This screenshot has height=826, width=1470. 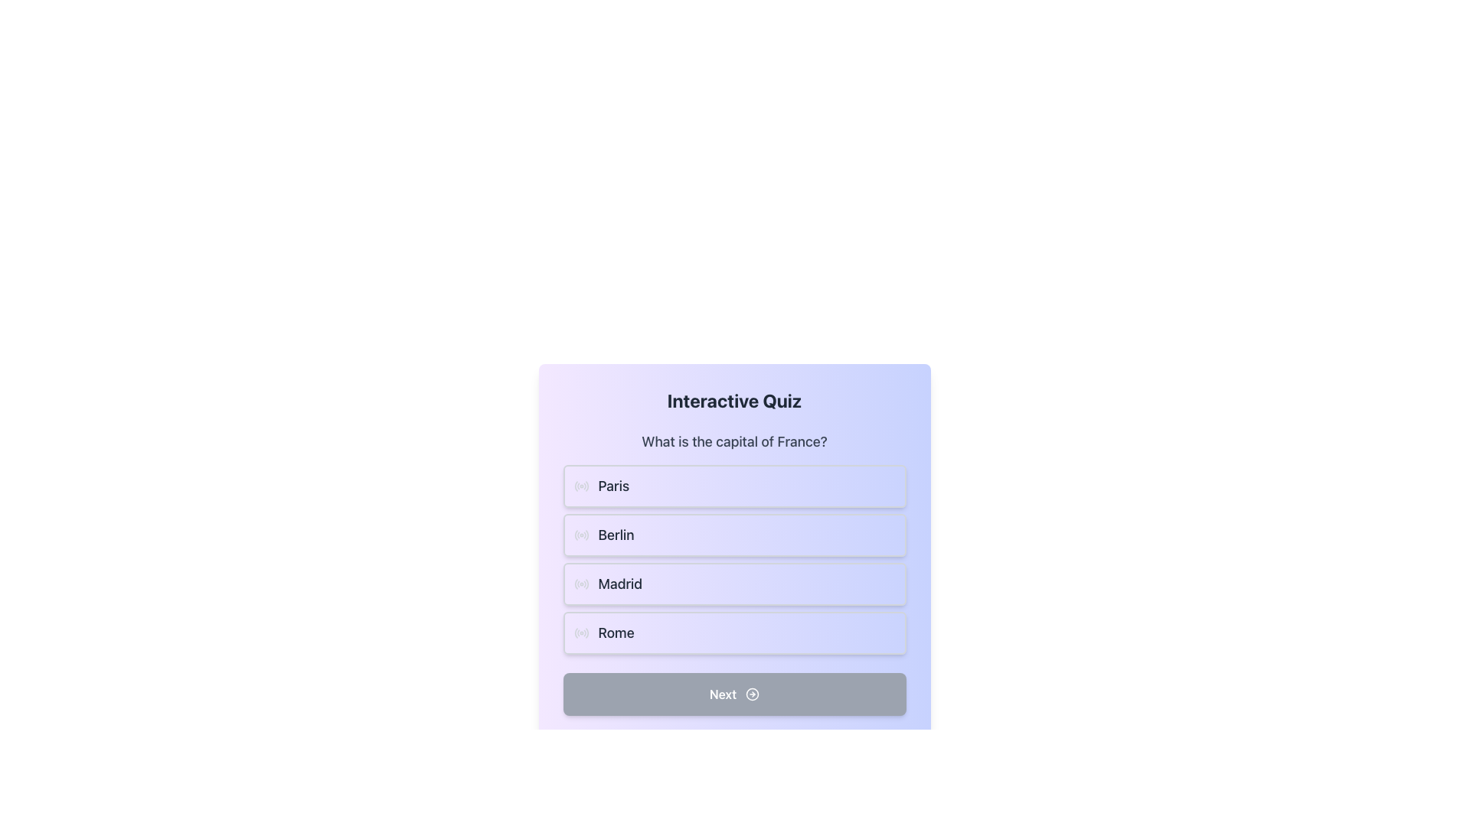 I want to click on the text label indicating the third selectable answer option for the quiz question 'What is the capital of France?', so click(x=620, y=584).